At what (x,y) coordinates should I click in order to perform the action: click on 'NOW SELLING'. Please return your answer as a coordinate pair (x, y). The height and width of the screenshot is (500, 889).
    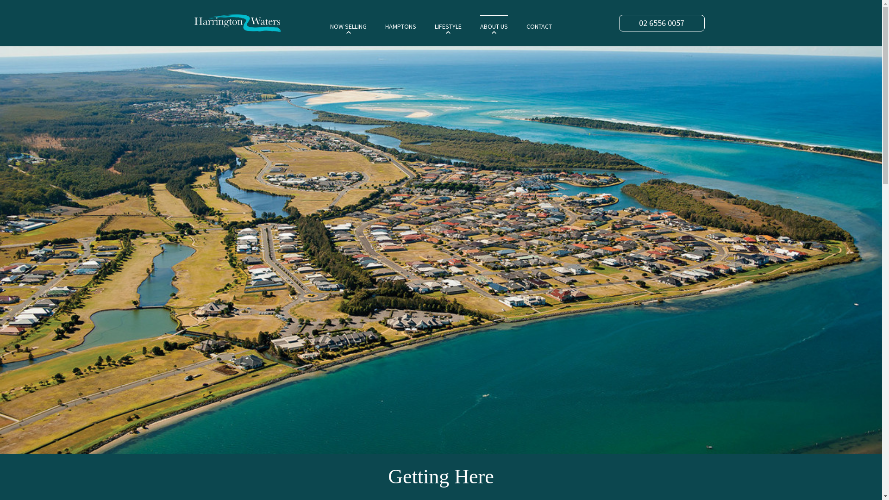
    Looking at the image, I should click on (348, 25).